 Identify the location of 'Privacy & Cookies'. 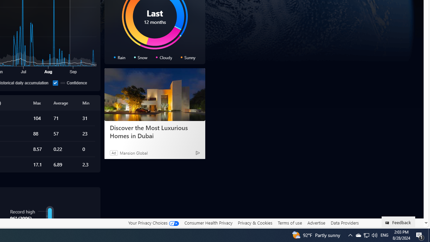
(255, 223).